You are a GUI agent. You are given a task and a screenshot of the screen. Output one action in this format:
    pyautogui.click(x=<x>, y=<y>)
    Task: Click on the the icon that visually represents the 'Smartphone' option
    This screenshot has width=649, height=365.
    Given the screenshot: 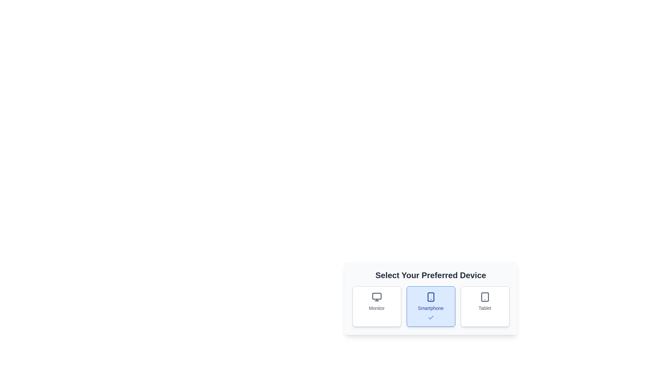 What is the action you would take?
    pyautogui.click(x=430, y=297)
    